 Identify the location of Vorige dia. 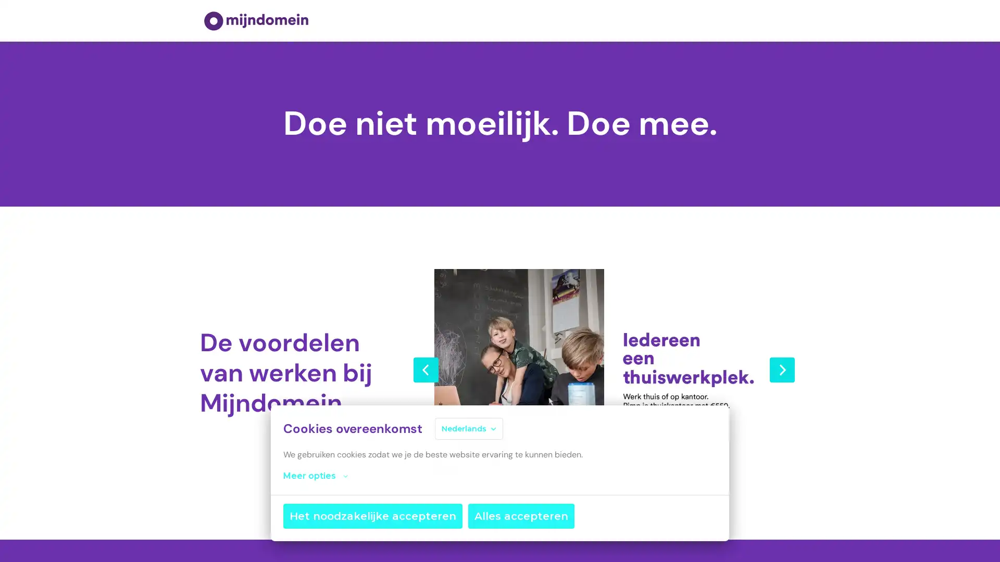
(426, 368).